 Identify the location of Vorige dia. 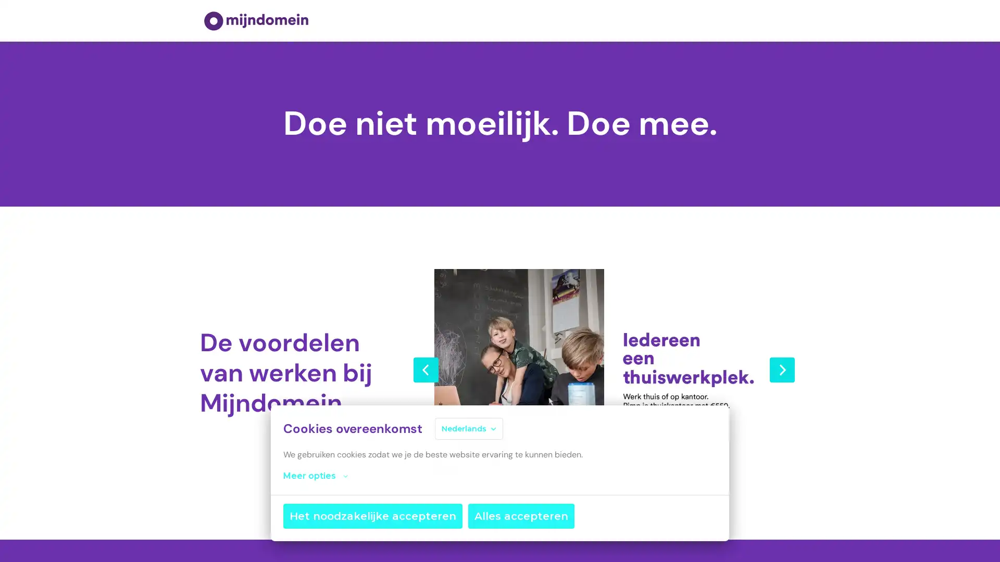
(426, 368).